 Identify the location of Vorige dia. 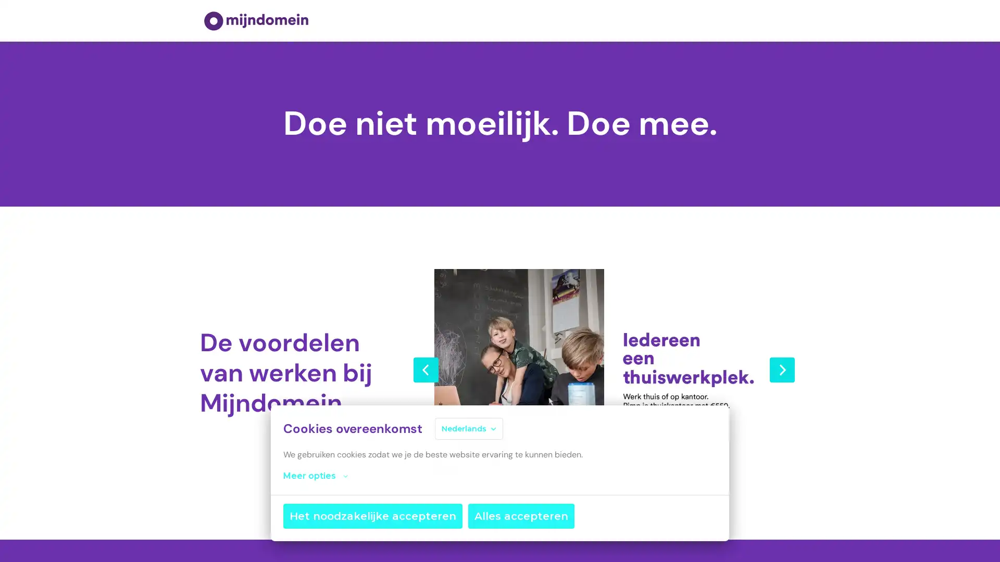
(426, 368).